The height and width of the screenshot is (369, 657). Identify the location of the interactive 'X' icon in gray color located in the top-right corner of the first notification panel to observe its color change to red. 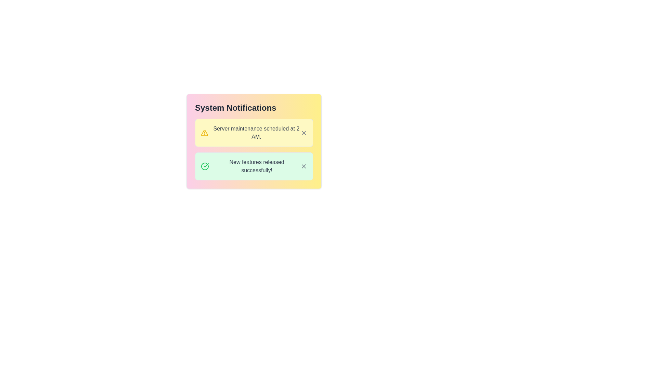
(304, 133).